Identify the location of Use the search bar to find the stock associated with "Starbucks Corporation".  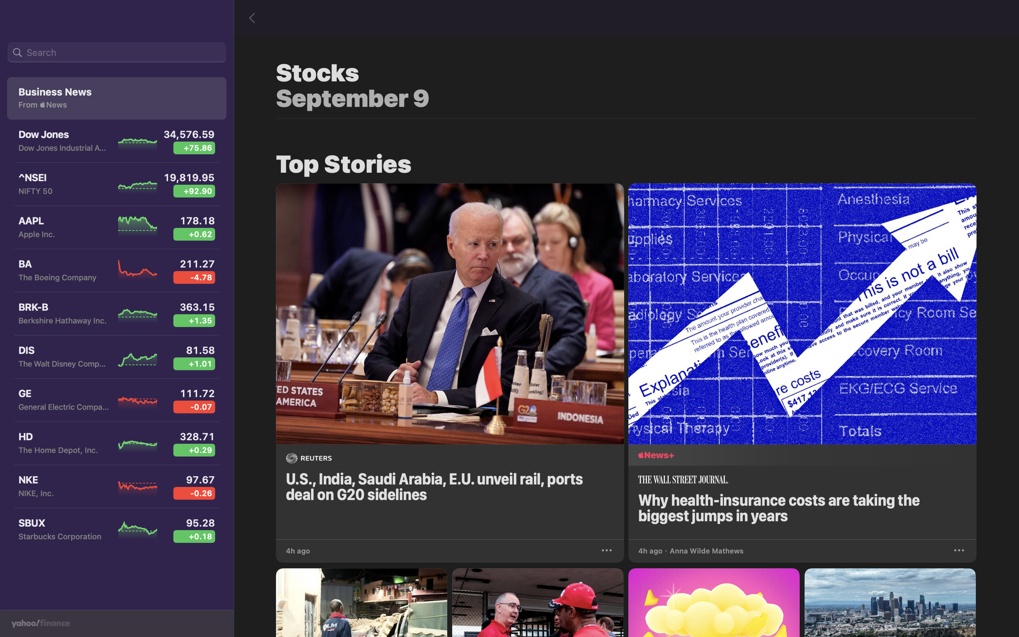
(116, 53).